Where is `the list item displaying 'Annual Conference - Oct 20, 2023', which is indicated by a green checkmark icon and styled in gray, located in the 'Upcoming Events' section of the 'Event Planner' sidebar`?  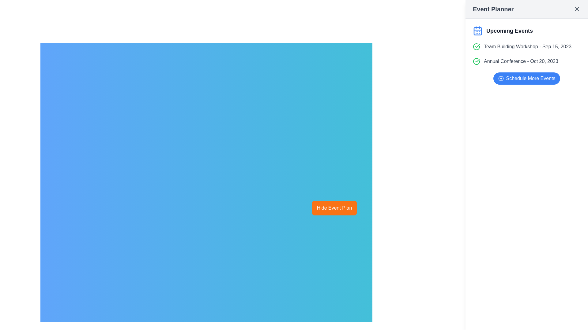
the list item displaying 'Annual Conference - Oct 20, 2023', which is indicated by a green checkmark icon and styled in gray, located in the 'Upcoming Events' section of the 'Event Planner' sidebar is located at coordinates (526, 61).